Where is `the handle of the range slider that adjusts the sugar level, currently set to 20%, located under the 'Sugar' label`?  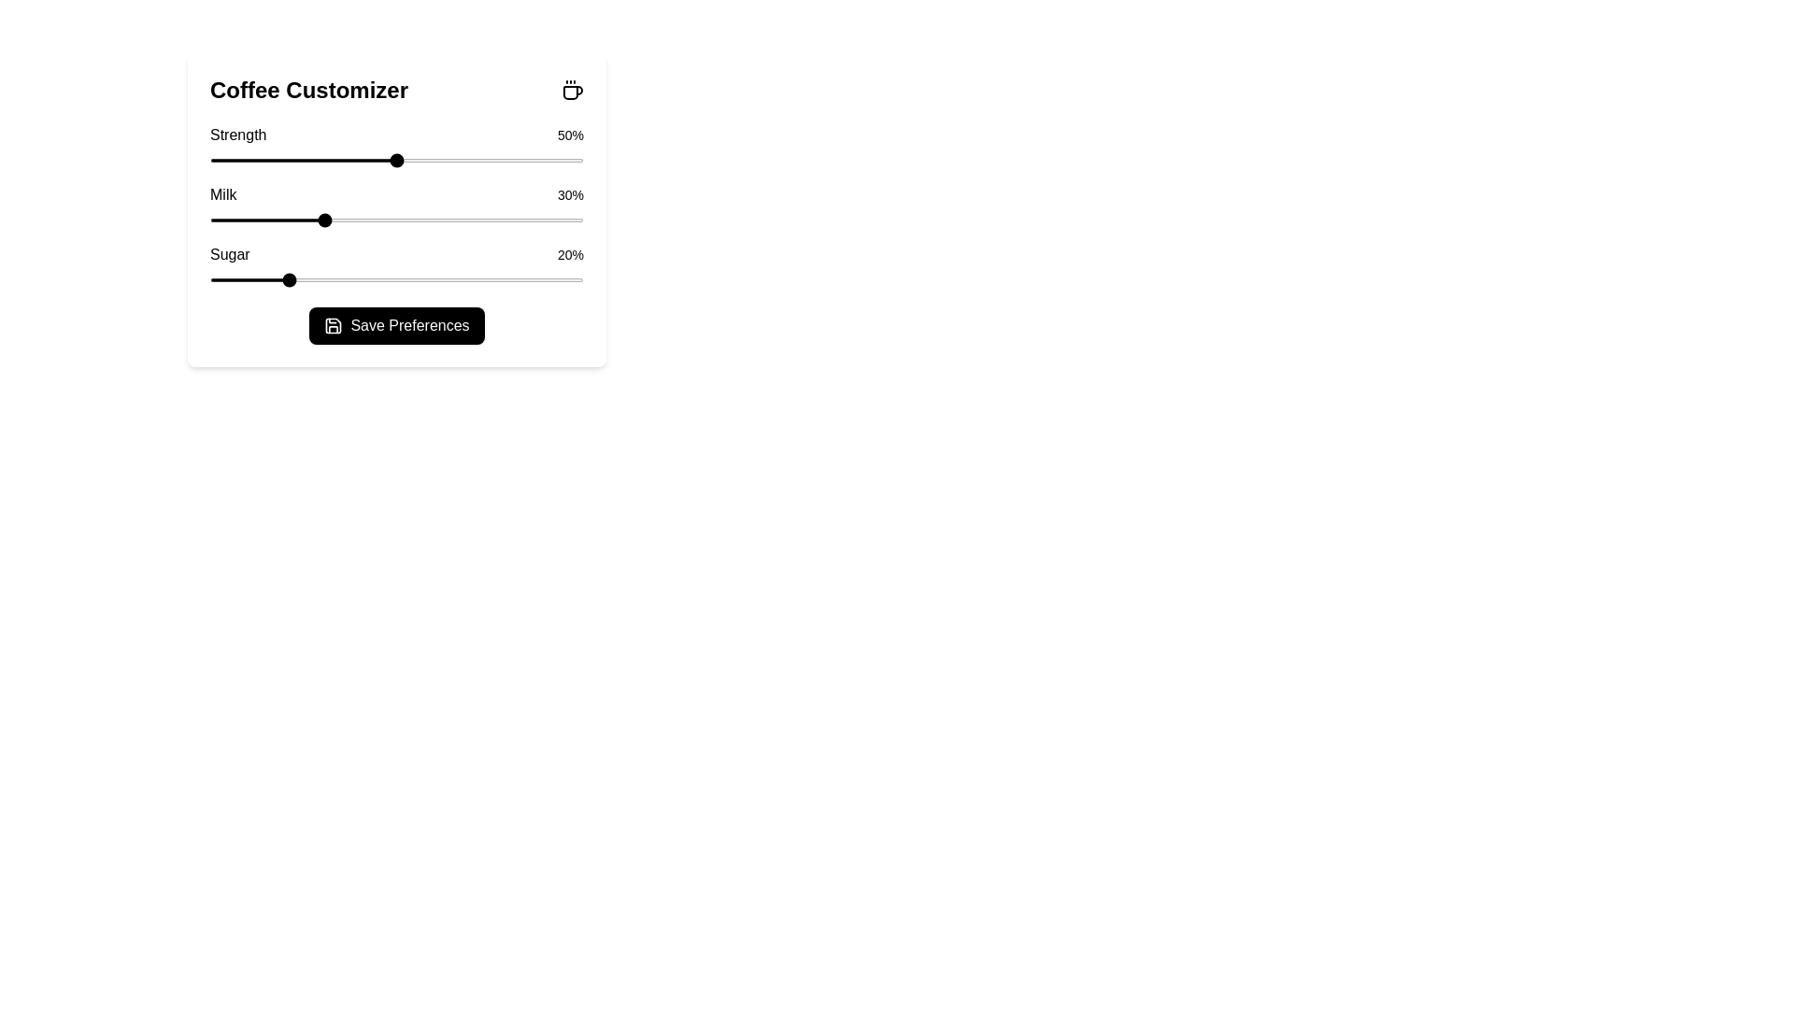
the handle of the range slider that adjusts the sugar level, currently set to 20%, located under the 'Sugar' label is located at coordinates (396, 280).